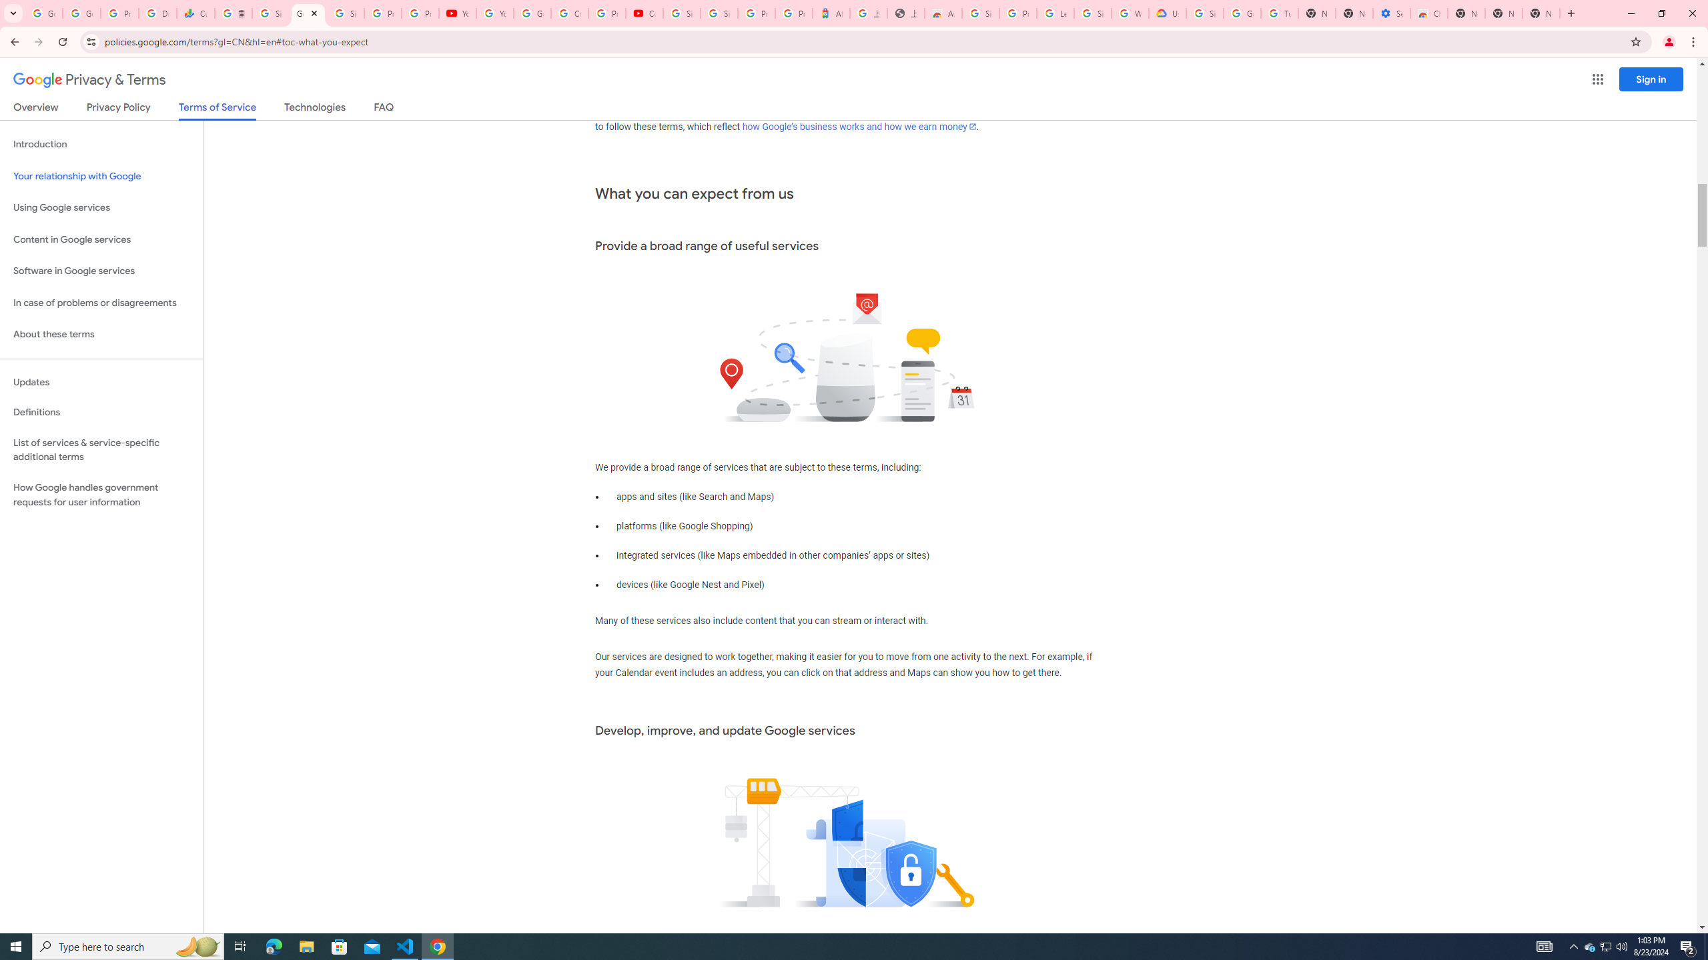 The width and height of the screenshot is (1708, 960). I want to click on 'Minimize', so click(1630, 13).